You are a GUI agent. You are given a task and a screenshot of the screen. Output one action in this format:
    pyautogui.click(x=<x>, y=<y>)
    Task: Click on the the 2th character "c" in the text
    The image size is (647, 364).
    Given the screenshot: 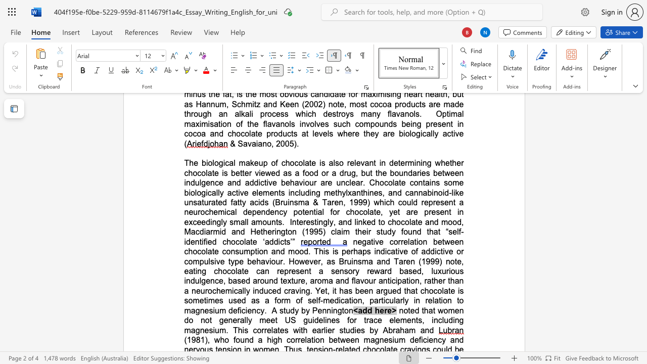 What is the action you would take?
    pyautogui.click(x=402, y=221)
    